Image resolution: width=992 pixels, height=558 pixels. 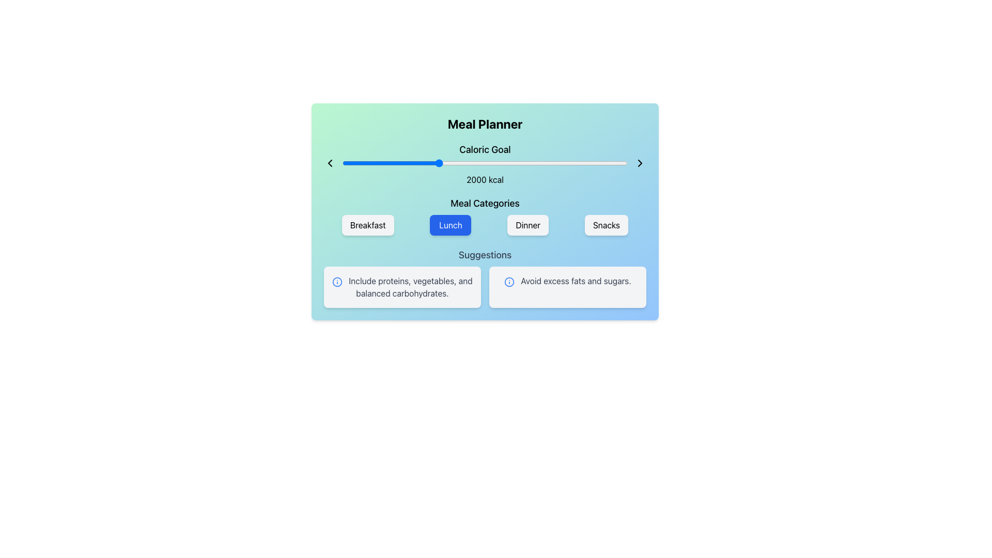 What do you see at coordinates (538, 163) in the screenshot?
I see `caloric goal` at bounding box center [538, 163].